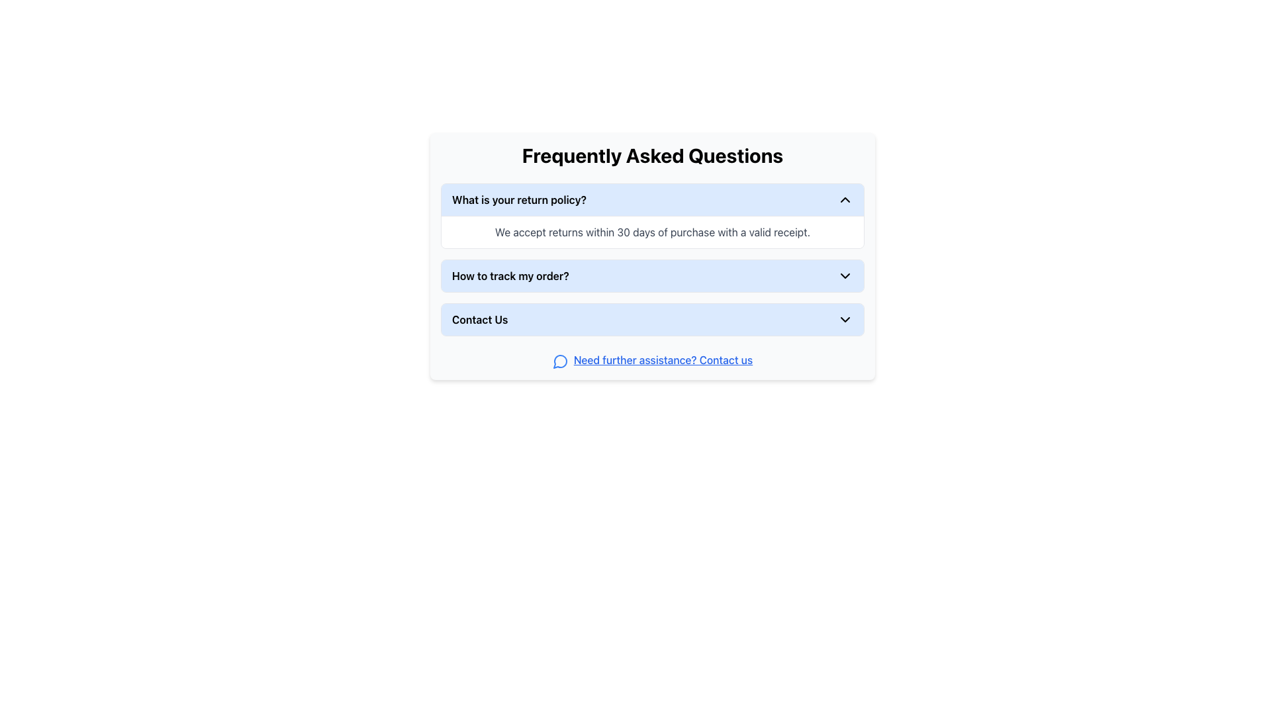  Describe the element at coordinates (510, 275) in the screenshot. I see `the text label displaying 'How to track my order?'` at that location.